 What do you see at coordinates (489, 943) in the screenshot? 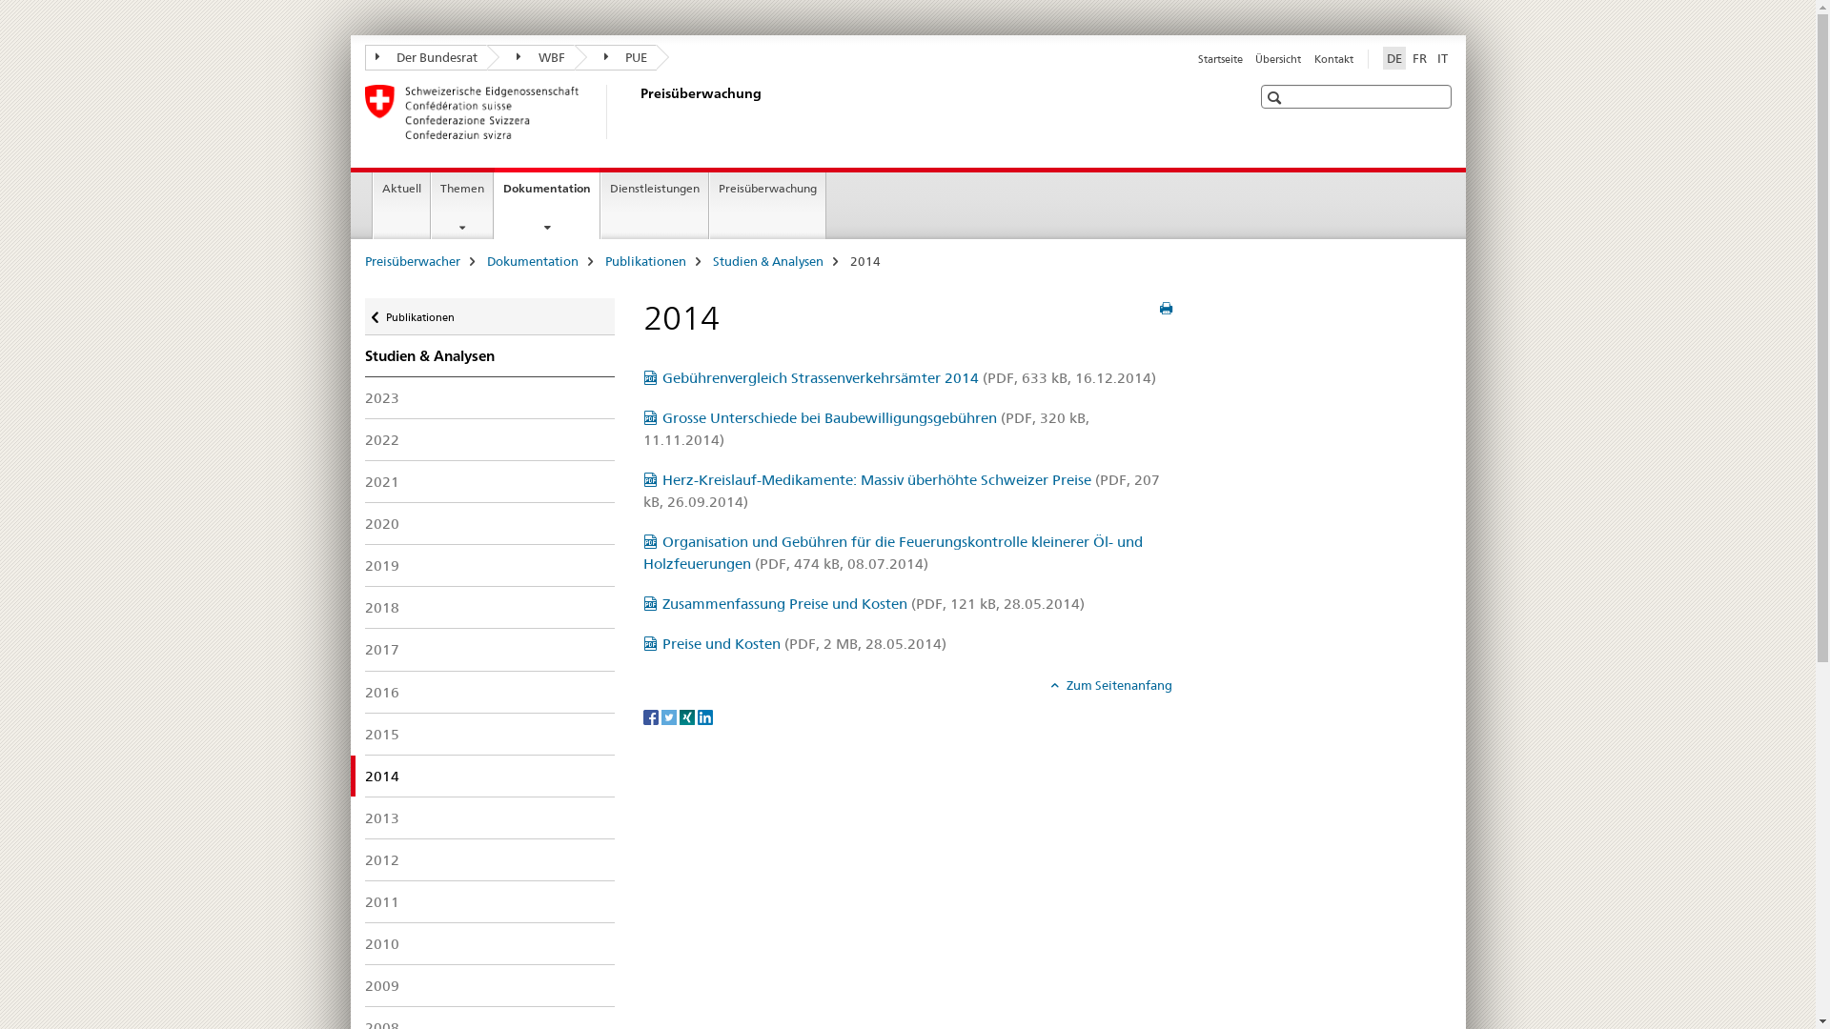
I see `'2010'` at bounding box center [489, 943].